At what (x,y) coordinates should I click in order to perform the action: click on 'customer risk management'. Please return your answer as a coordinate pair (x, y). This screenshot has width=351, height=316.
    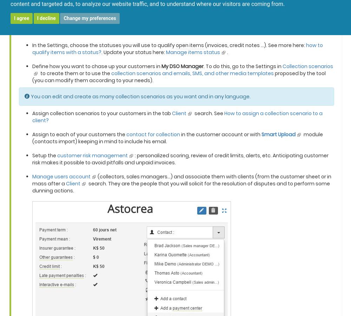
    Looking at the image, I should click on (92, 155).